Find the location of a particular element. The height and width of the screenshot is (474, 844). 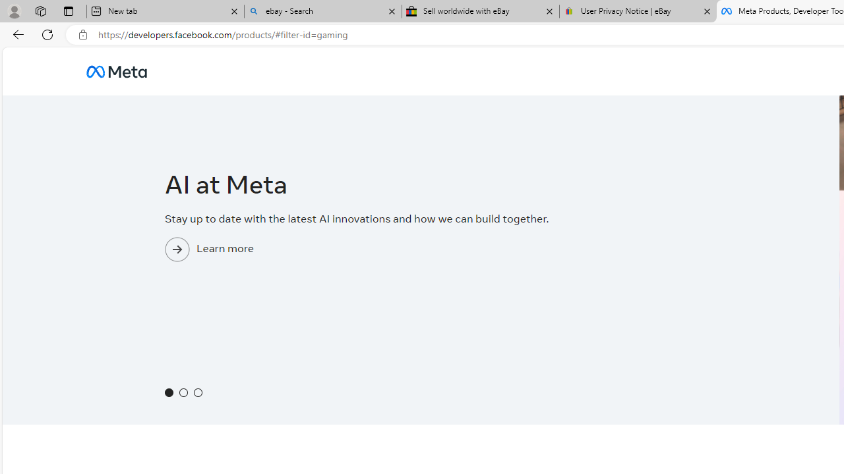

'User Privacy Notice | eBay' is located at coordinates (638, 11).